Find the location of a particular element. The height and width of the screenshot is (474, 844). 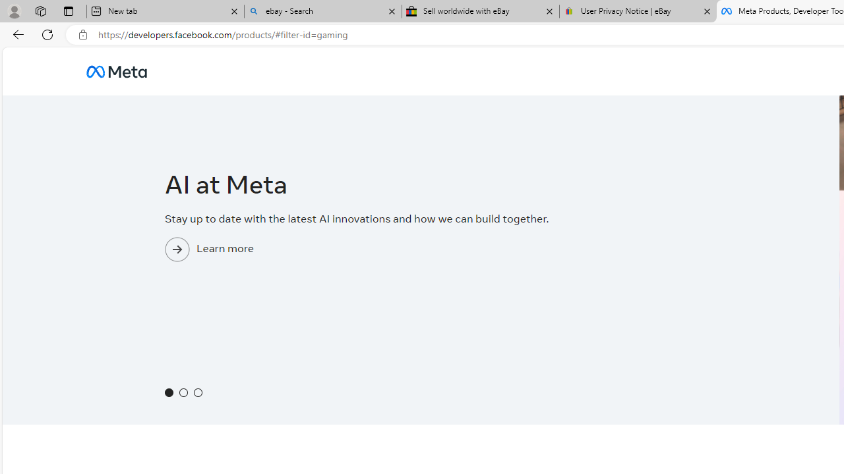

'User Privacy Notice | eBay' is located at coordinates (638, 11).